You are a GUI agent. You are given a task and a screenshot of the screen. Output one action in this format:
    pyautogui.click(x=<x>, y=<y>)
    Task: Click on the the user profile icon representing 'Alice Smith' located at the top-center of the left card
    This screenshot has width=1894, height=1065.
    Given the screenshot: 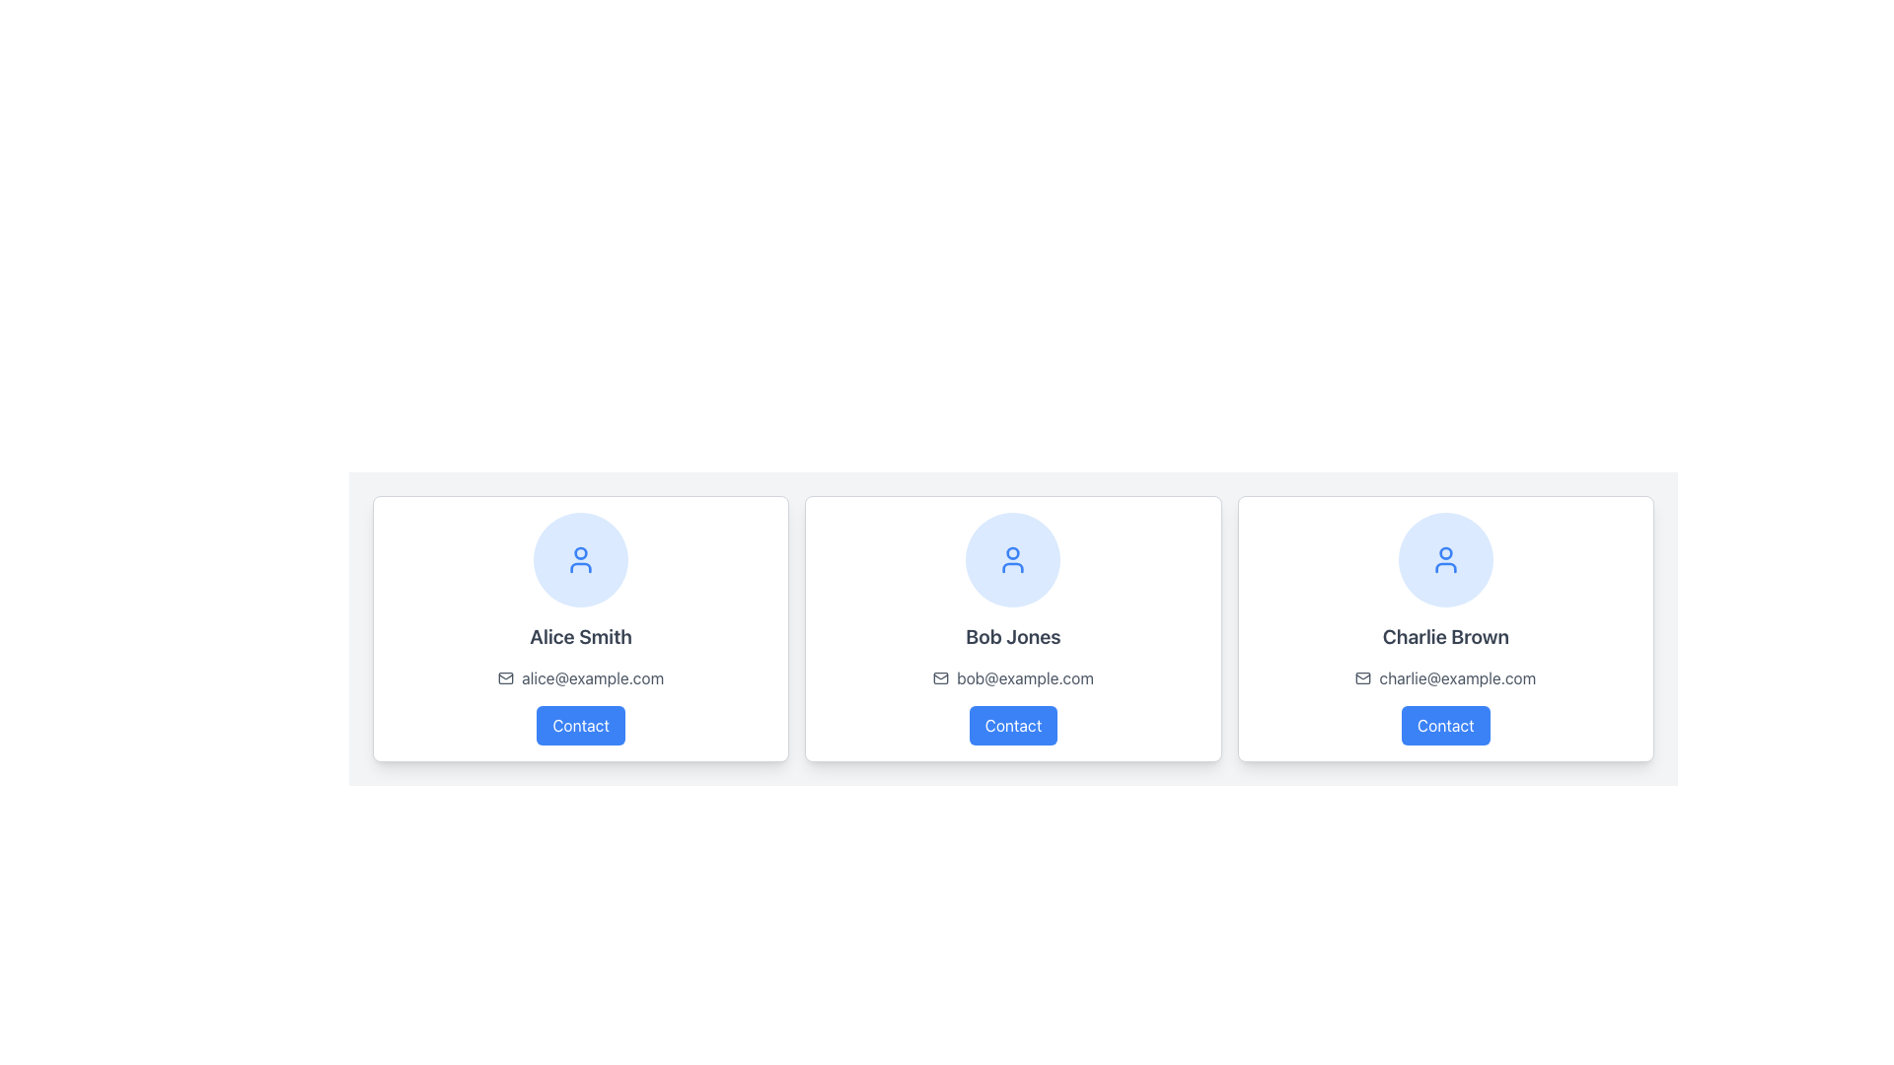 What is the action you would take?
    pyautogui.click(x=580, y=559)
    